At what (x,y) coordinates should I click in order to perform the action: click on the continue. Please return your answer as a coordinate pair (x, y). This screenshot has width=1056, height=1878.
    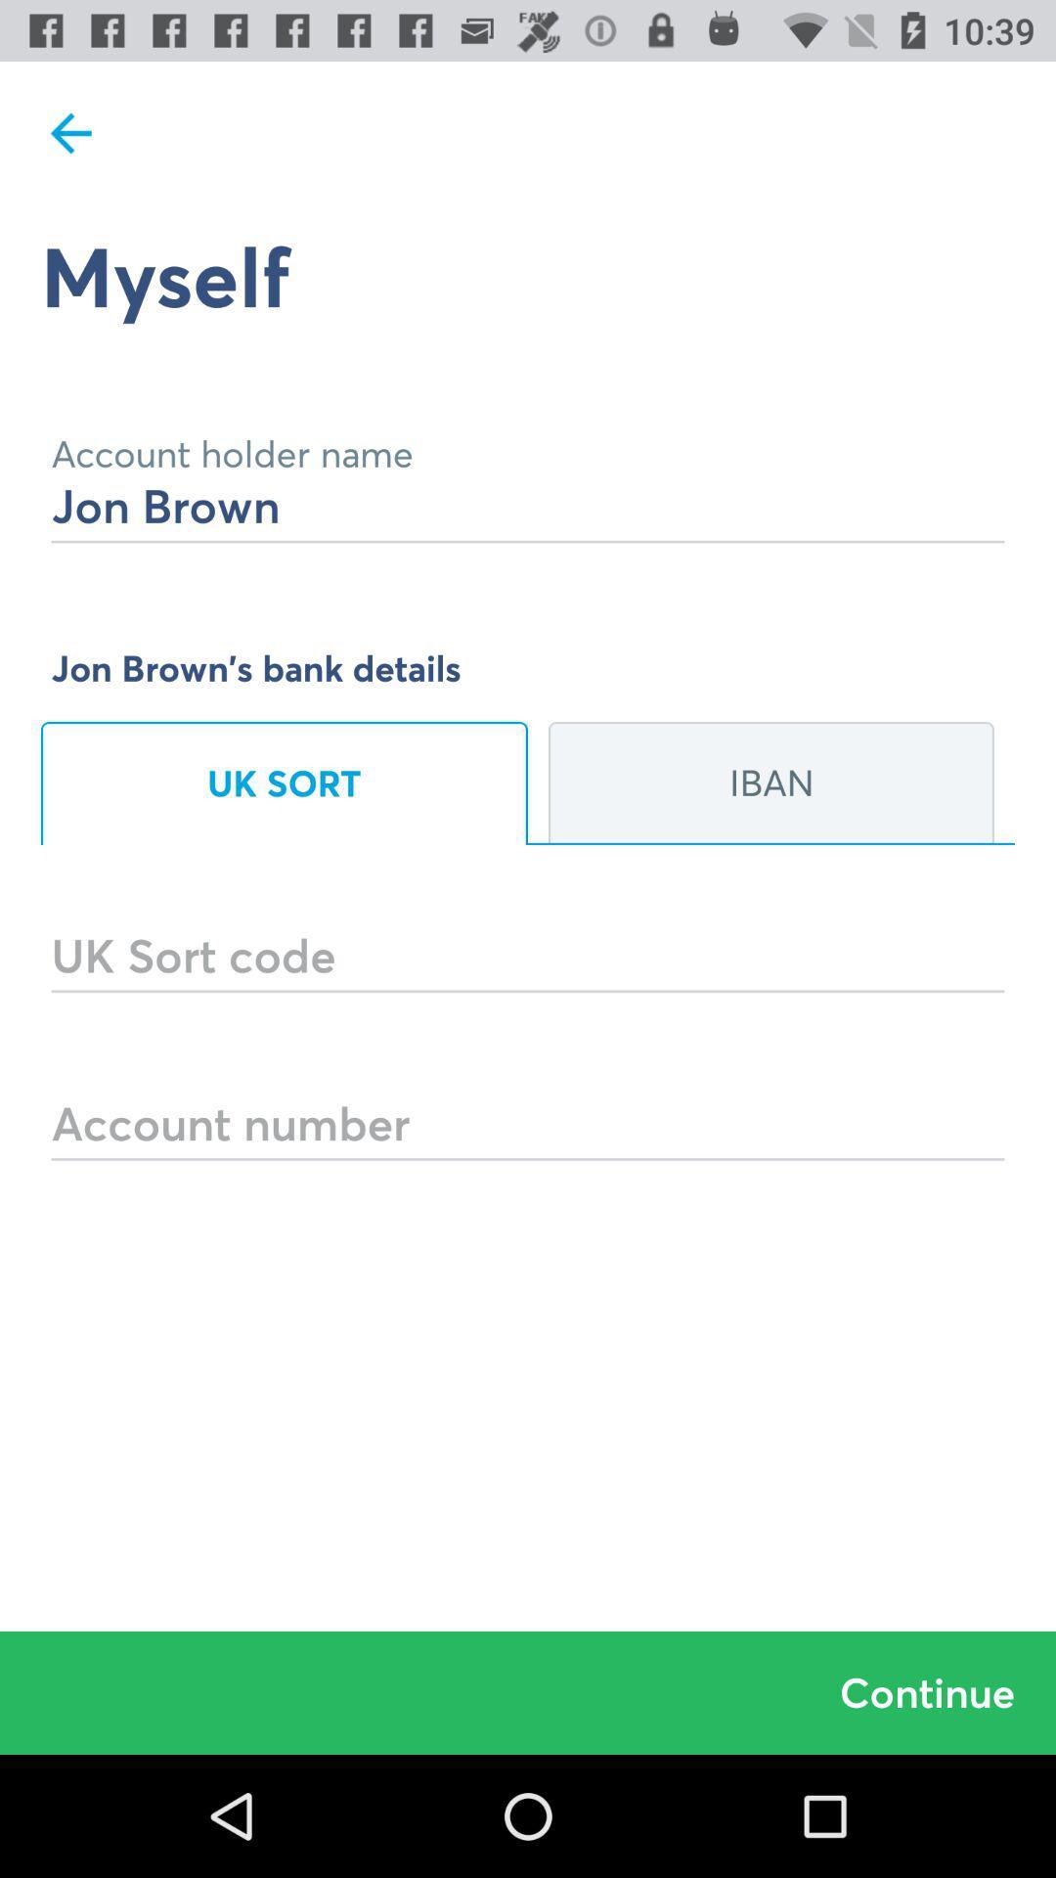
    Looking at the image, I should click on (528, 1692).